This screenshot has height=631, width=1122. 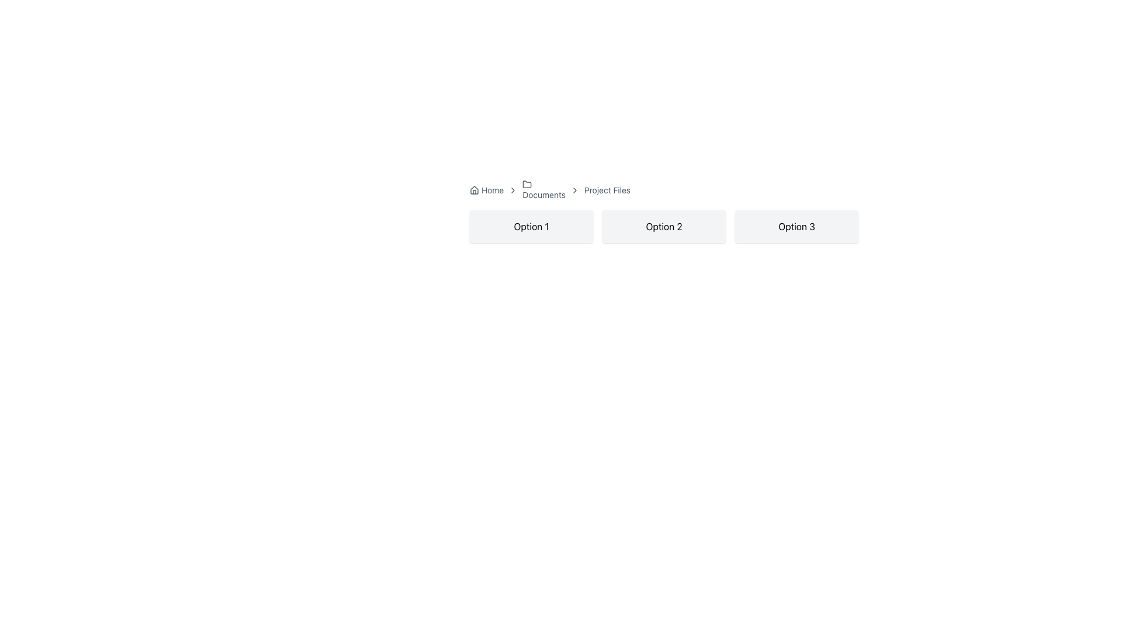 I want to click on any button within the grid of options located beneath the breadcrumb navigation bar labeled 'Home > Documents > Project Files.', so click(x=664, y=227).